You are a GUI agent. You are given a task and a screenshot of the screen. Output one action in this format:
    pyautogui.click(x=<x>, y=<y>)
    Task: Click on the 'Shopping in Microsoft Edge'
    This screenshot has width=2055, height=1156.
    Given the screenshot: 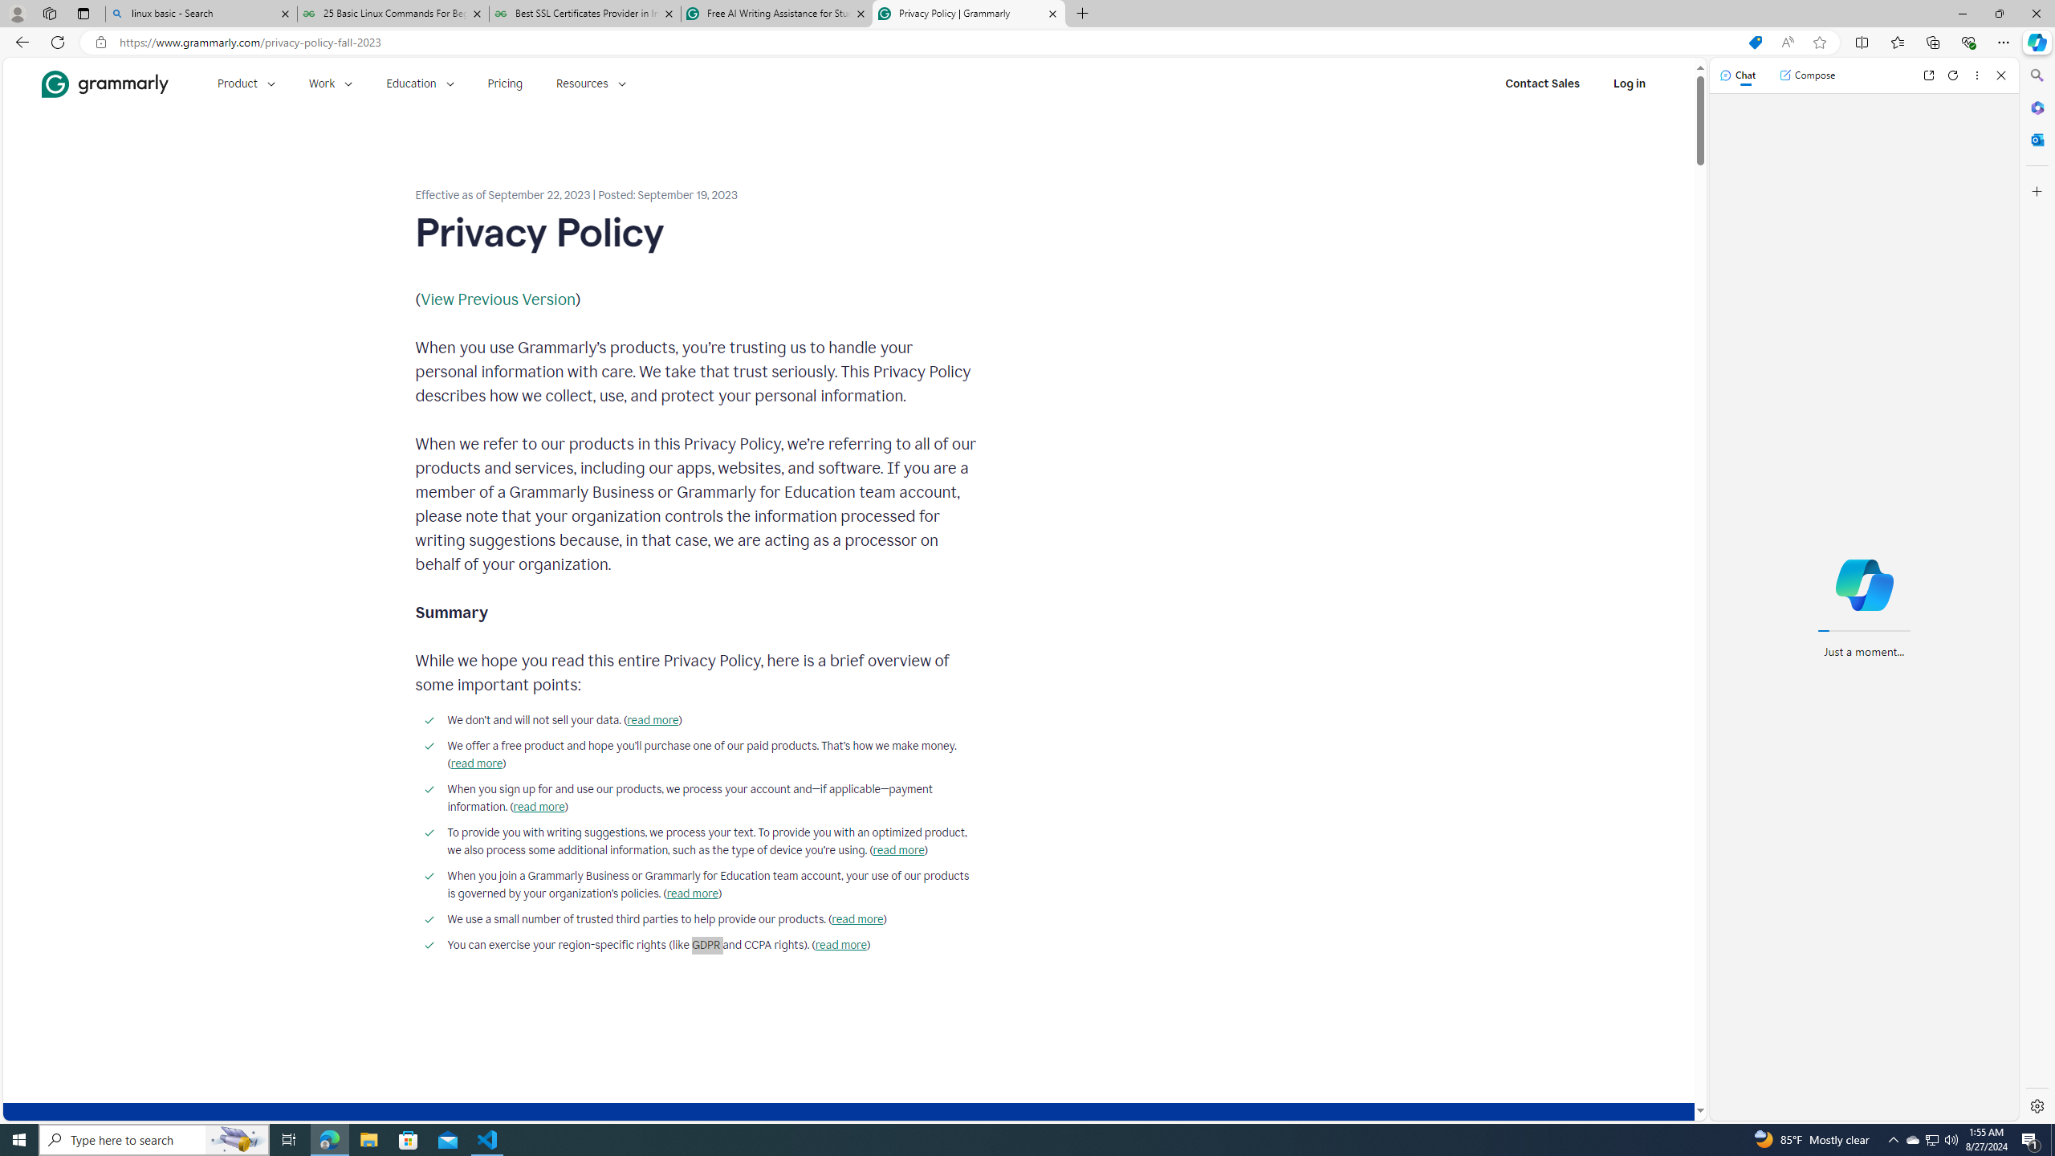 What is the action you would take?
    pyautogui.click(x=1754, y=43)
    